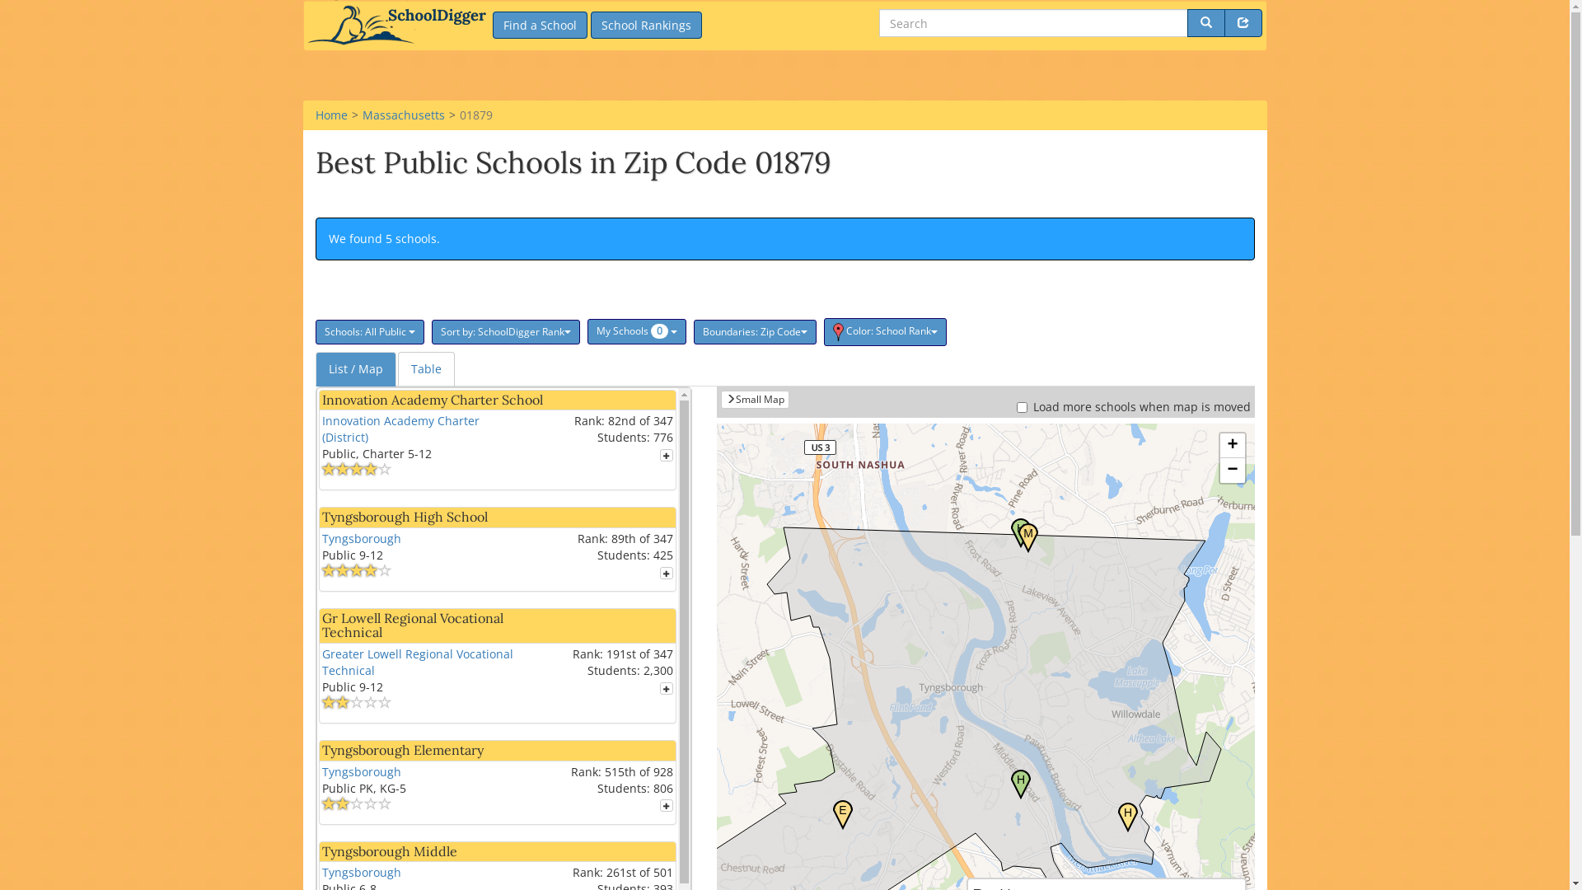  Describe the element at coordinates (754, 400) in the screenshot. I see `'Small Map'` at that location.